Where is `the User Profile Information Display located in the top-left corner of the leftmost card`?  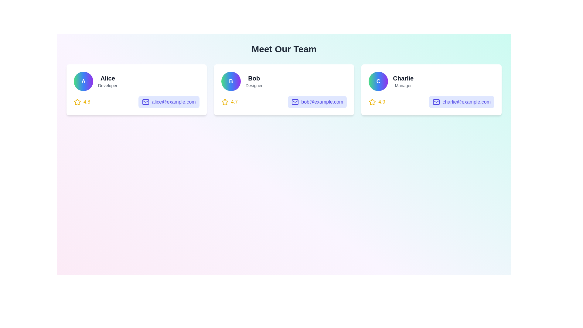
the User Profile Information Display located in the top-left corner of the leftmost card is located at coordinates (136, 81).